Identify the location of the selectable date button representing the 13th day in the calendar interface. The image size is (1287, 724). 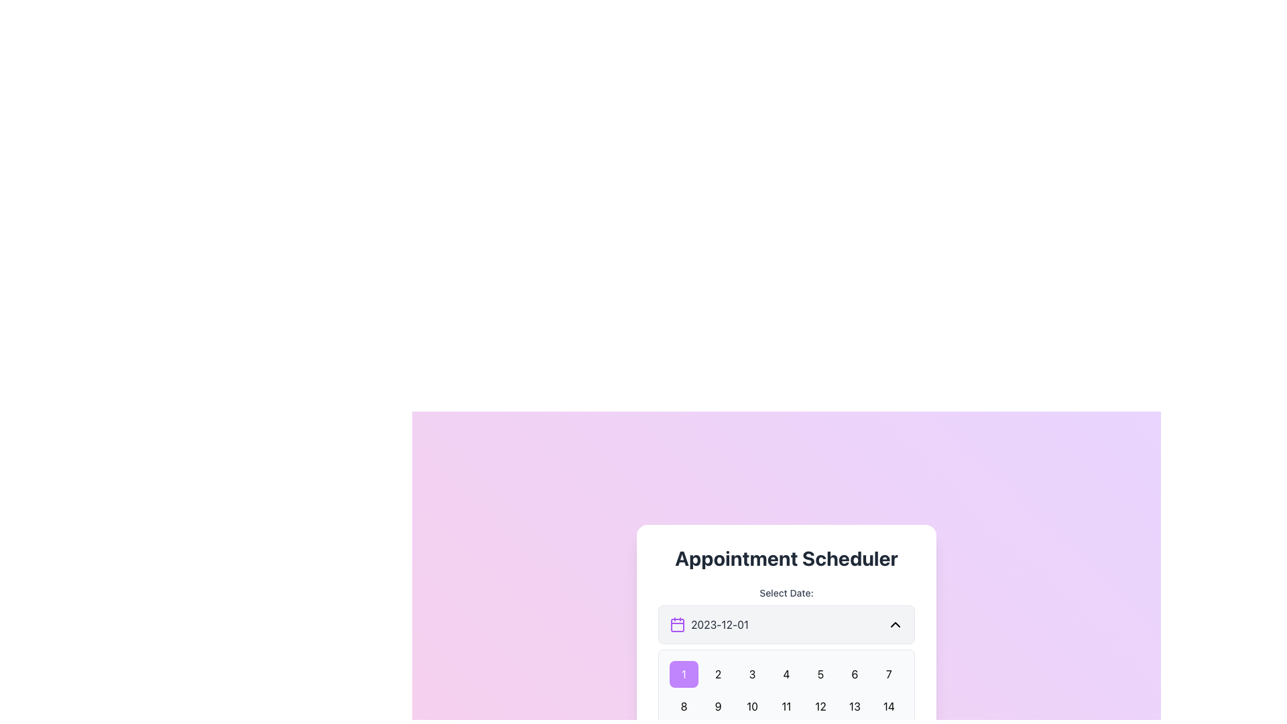
(854, 706).